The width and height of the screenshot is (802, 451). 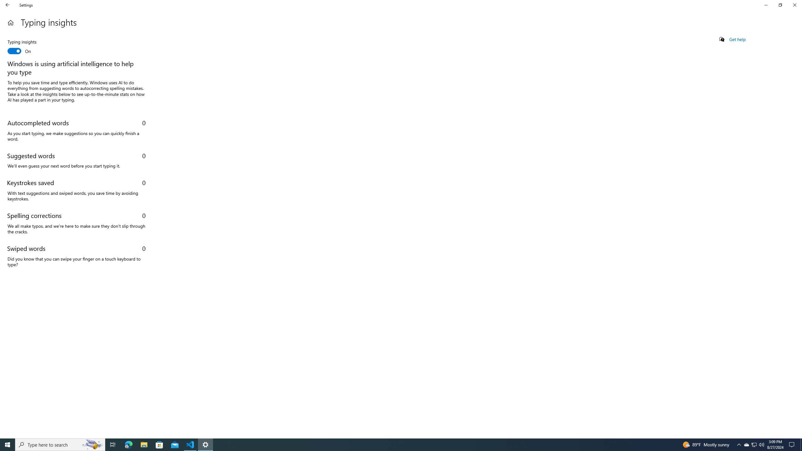 I want to click on 'Running applications', so click(x=395, y=444).